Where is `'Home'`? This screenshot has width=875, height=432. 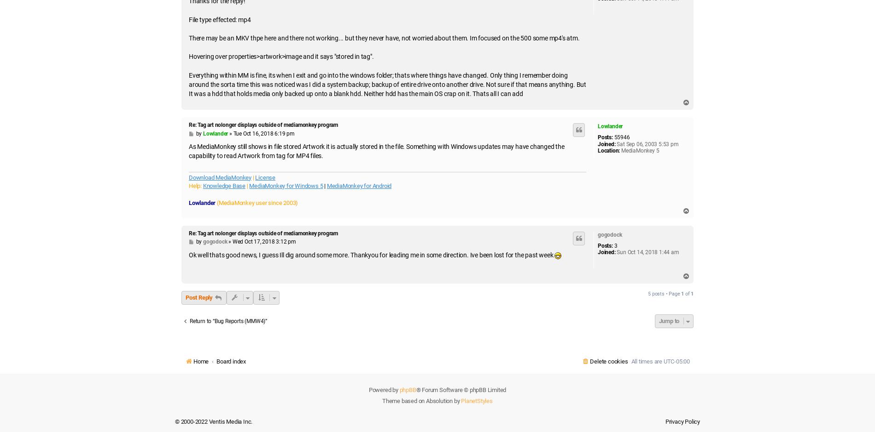 'Home' is located at coordinates (193, 361).